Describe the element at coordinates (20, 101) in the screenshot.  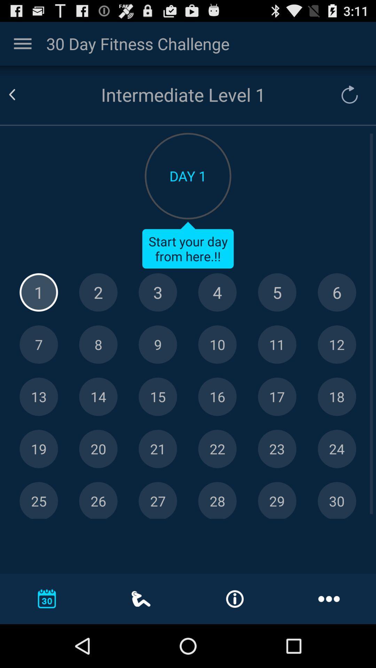
I see `the arrow_backward icon` at that location.